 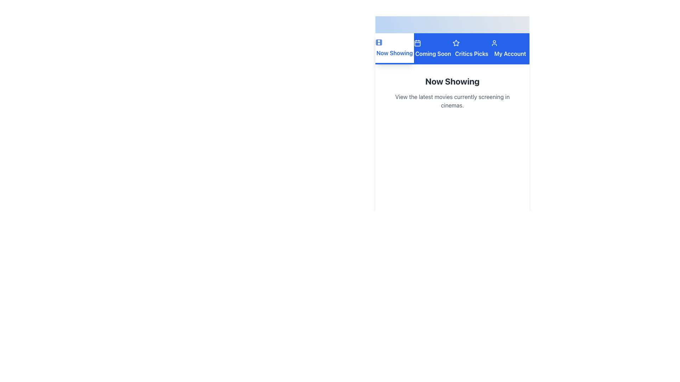 What do you see at coordinates (379, 42) in the screenshot?
I see `the topmost and leftmost icon in the toolbar section, which serves as a visual label for a navigation option` at bounding box center [379, 42].